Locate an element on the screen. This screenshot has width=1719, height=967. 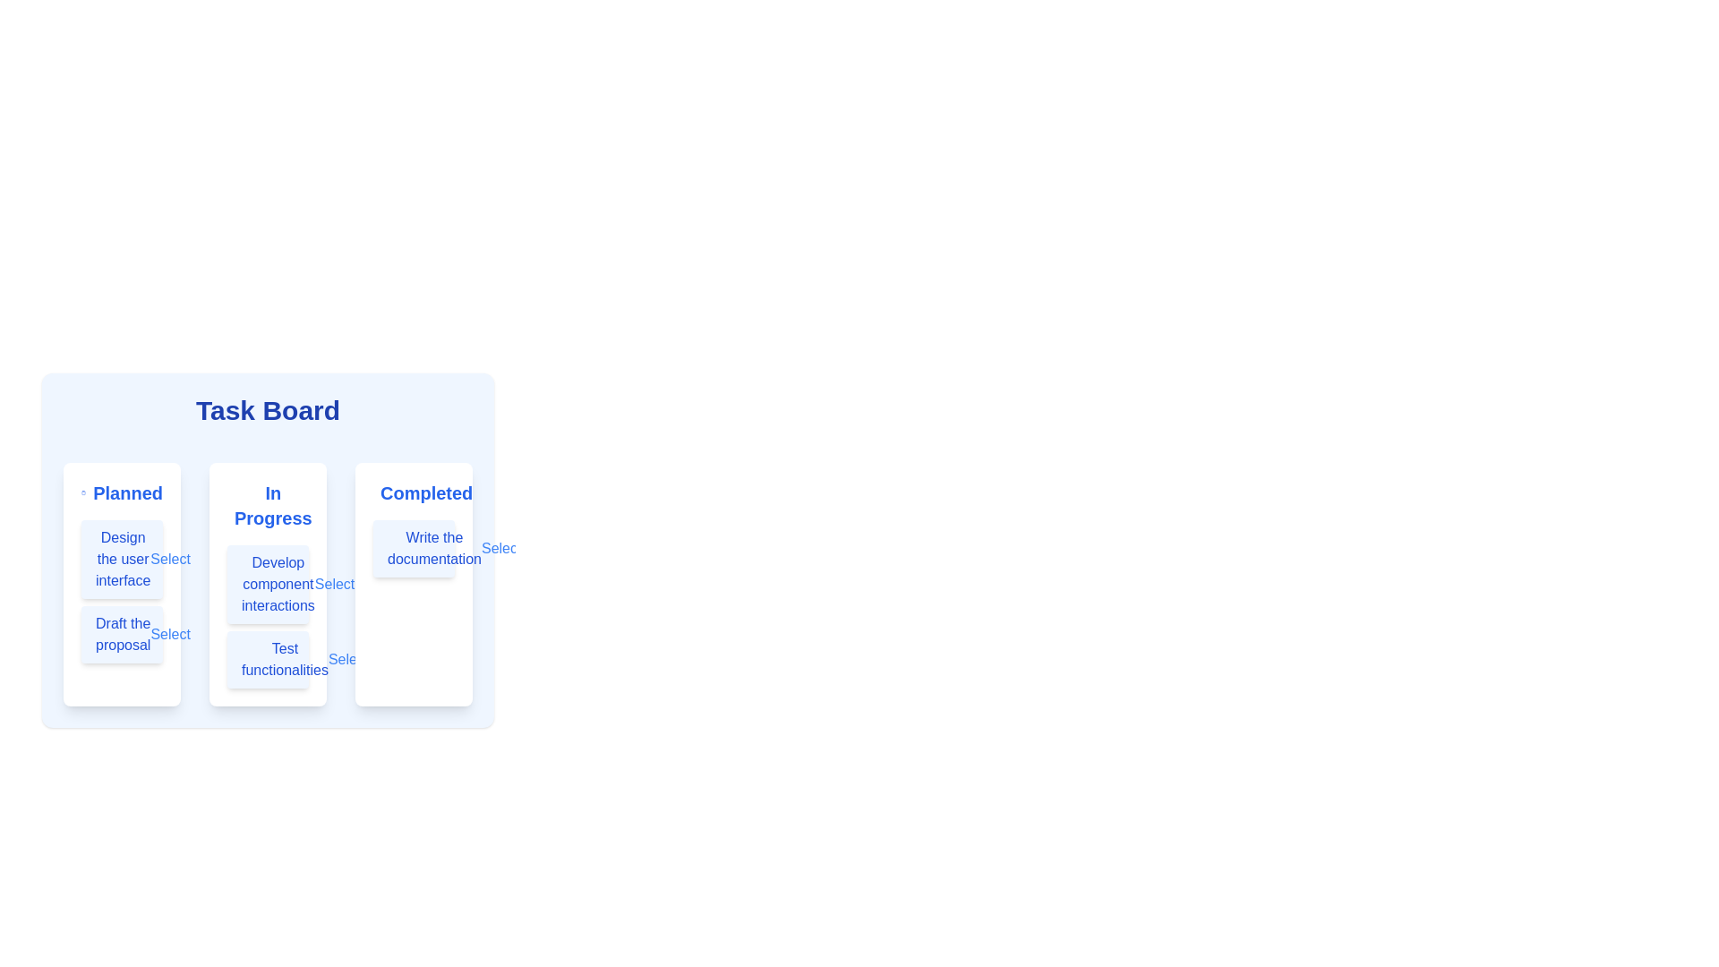
the 'In Progress' text label with a clock icon, which is the header of the middle column on the task board interface is located at coordinates (267, 505).